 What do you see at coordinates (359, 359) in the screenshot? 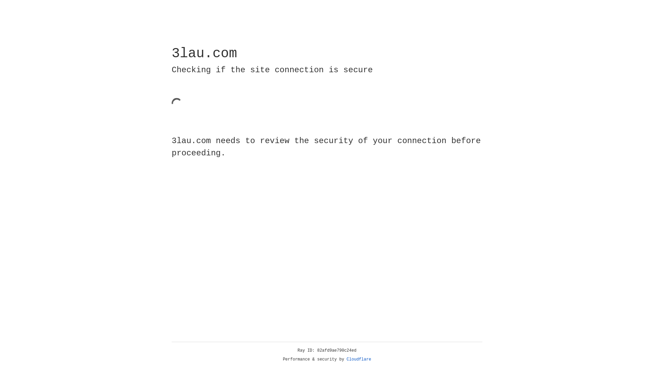
I see `'Cloudflare'` at bounding box center [359, 359].